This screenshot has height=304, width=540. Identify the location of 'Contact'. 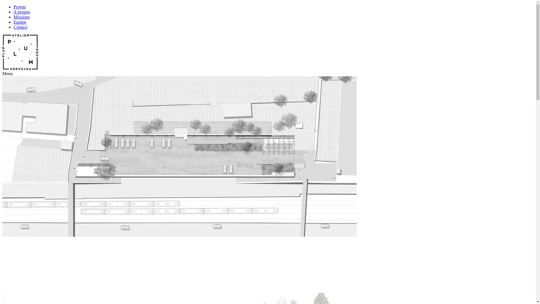
(13, 27).